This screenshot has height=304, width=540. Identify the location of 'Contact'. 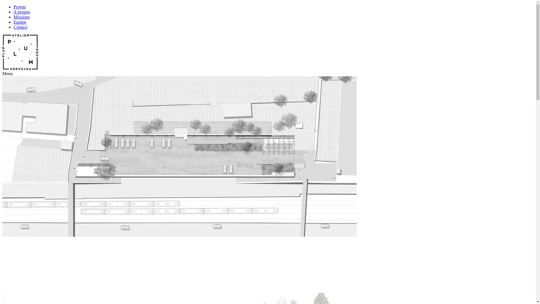
(13, 27).